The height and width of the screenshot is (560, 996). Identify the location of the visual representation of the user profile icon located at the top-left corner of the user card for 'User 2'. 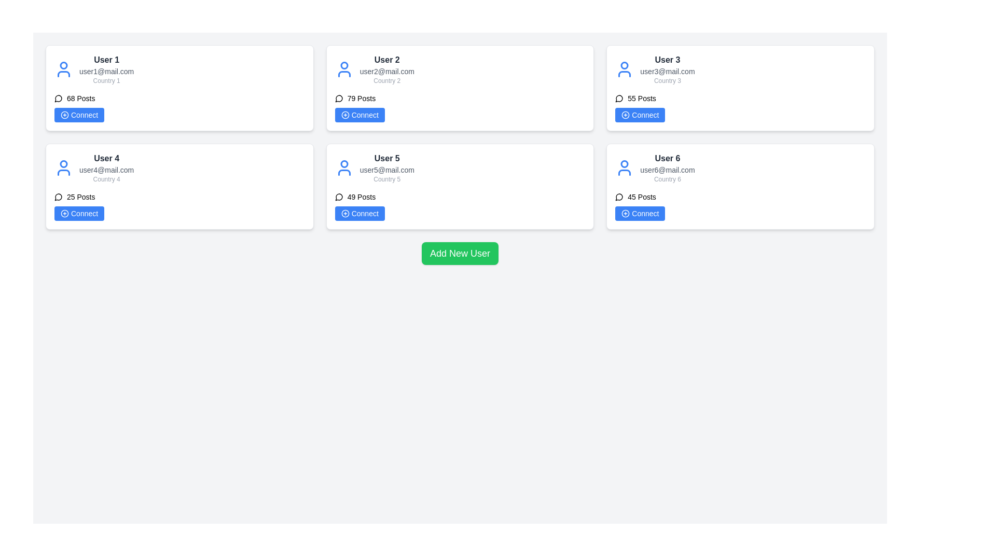
(344, 65).